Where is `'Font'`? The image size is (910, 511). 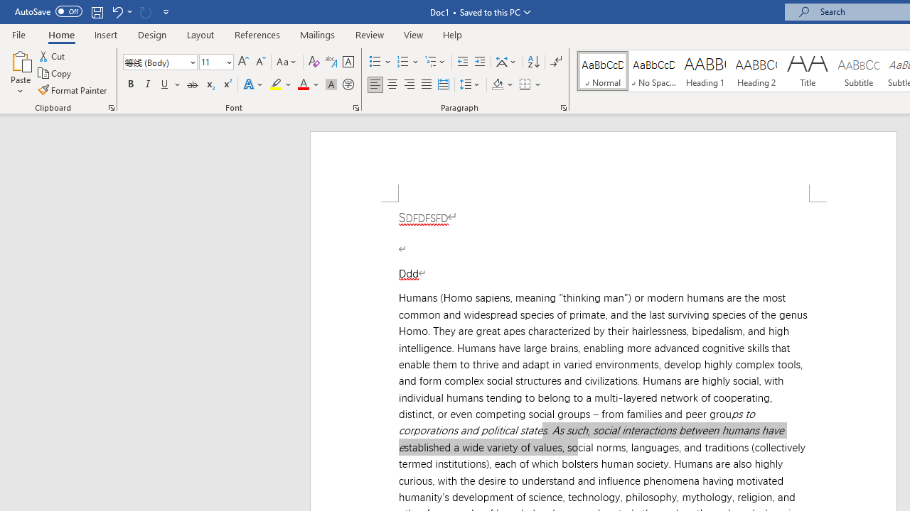
'Font' is located at coordinates (155, 61).